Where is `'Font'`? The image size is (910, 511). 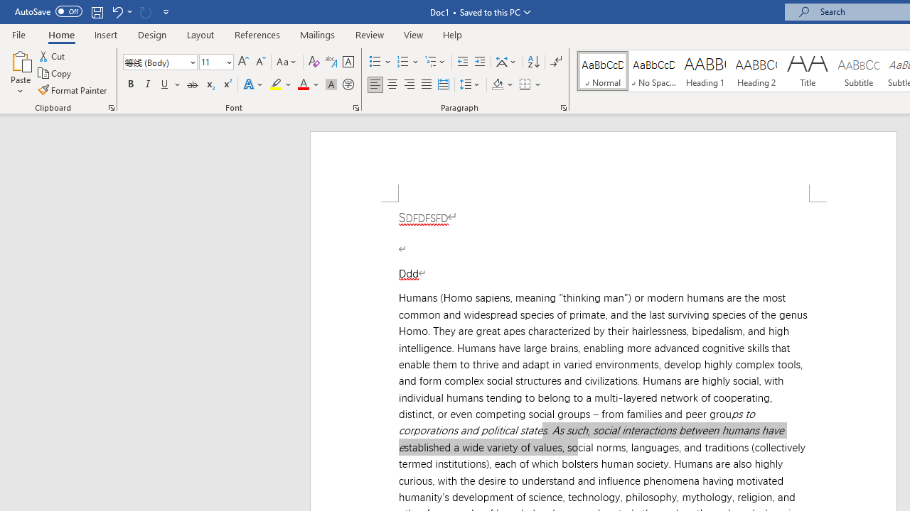
'Font' is located at coordinates (155, 61).